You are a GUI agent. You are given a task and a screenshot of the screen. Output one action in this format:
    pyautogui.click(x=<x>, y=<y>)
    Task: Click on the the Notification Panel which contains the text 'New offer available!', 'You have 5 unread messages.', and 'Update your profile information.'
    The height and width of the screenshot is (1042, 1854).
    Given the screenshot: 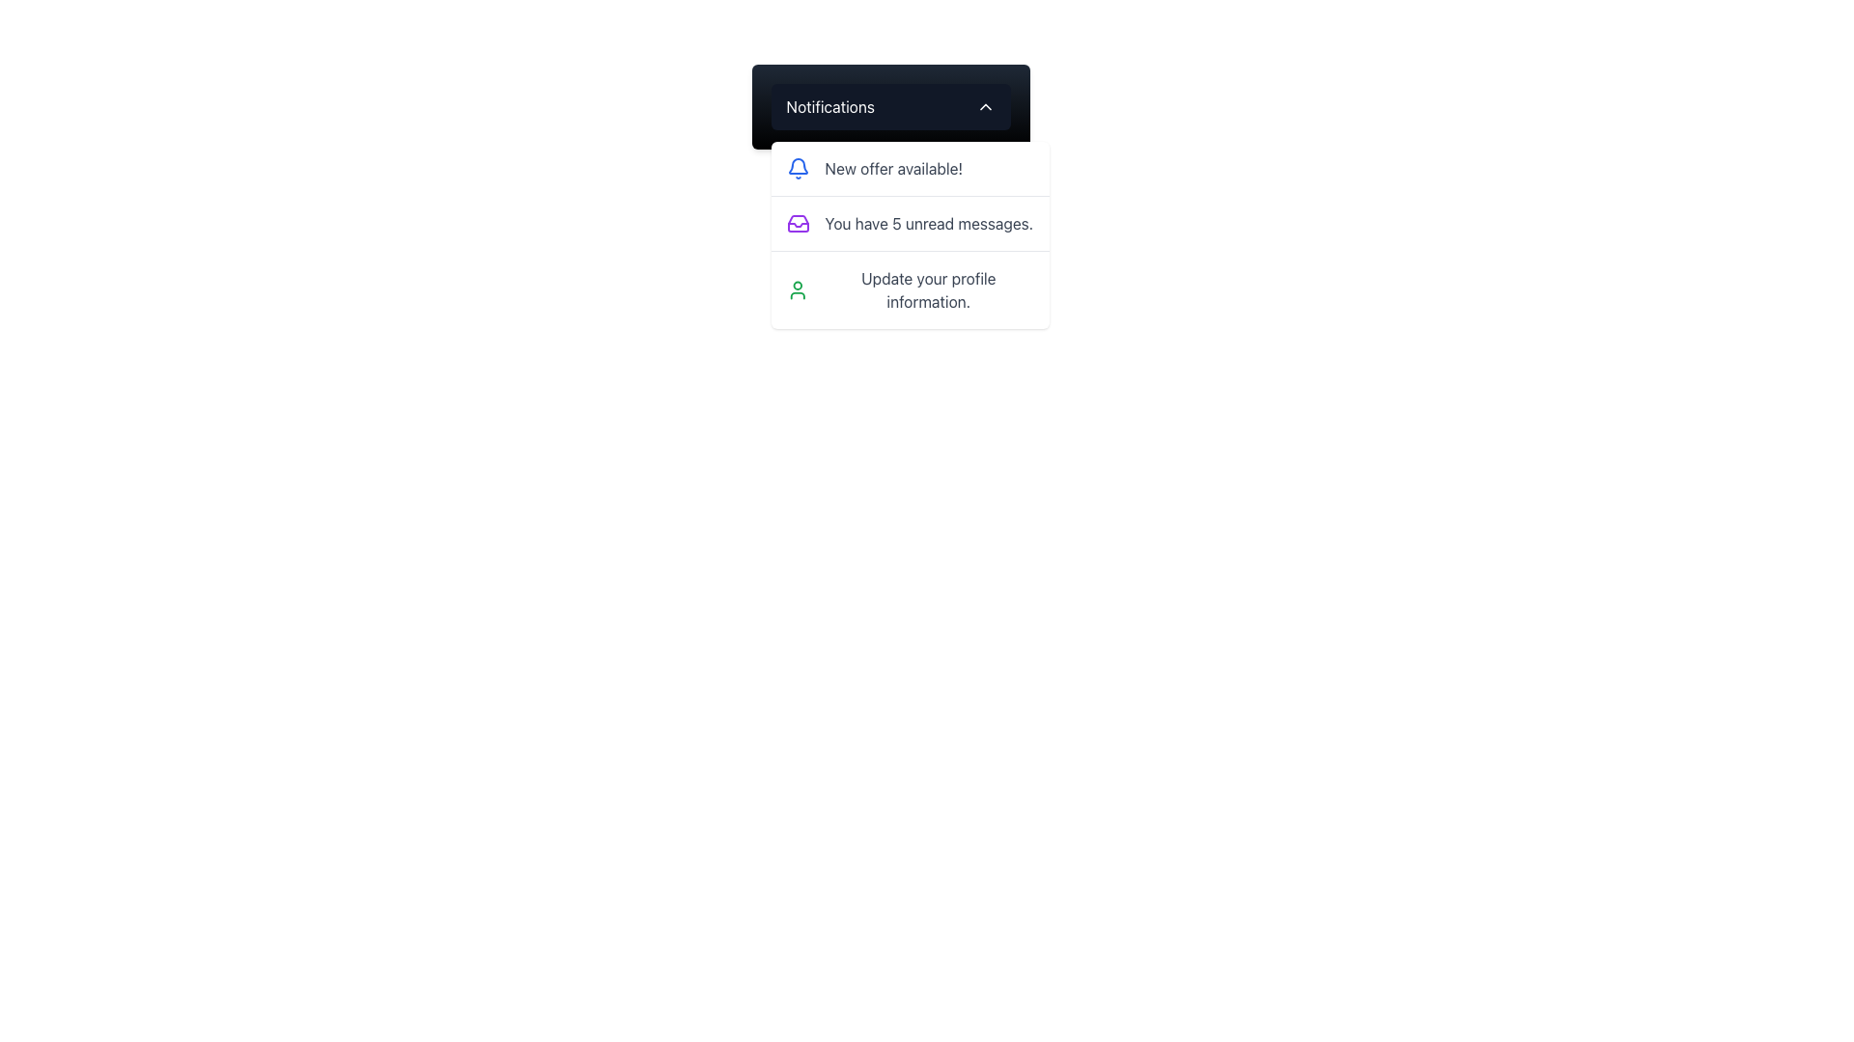 What is the action you would take?
    pyautogui.click(x=909, y=233)
    